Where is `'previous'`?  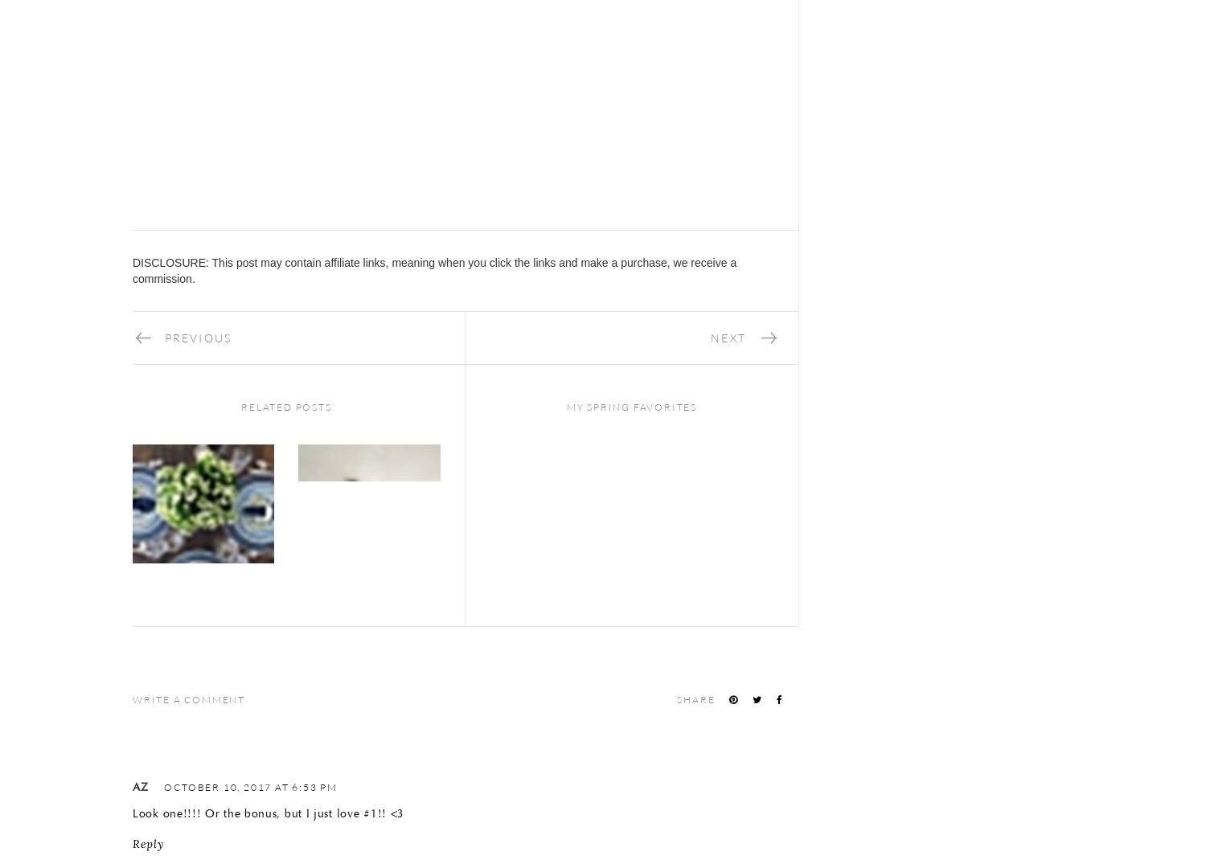 'previous' is located at coordinates (197, 336).